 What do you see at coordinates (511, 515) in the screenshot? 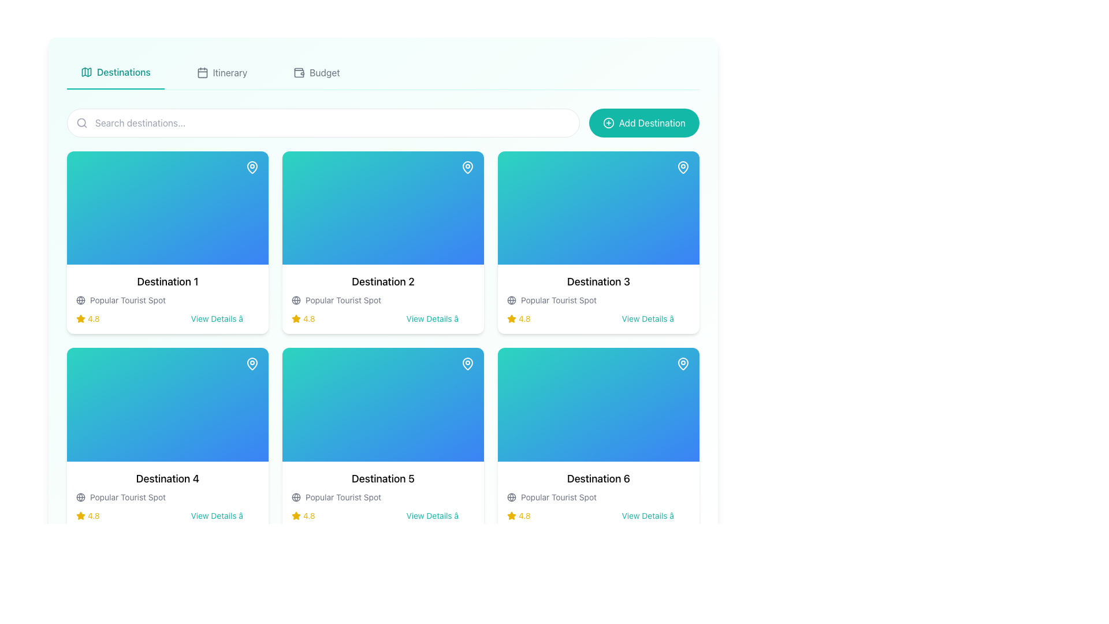
I see `the star icon that represents the rating for 'Destination 6', which is positioned directly below the title and above the description text 'Popular Tourist Spot'` at bounding box center [511, 515].